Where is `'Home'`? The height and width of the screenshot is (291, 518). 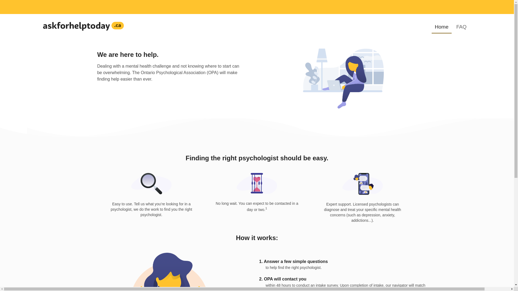
'Home' is located at coordinates (442, 27).